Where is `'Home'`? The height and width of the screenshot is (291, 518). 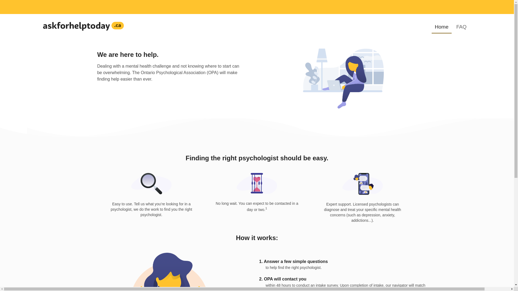
'Home' is located at coordinates (442, 27).